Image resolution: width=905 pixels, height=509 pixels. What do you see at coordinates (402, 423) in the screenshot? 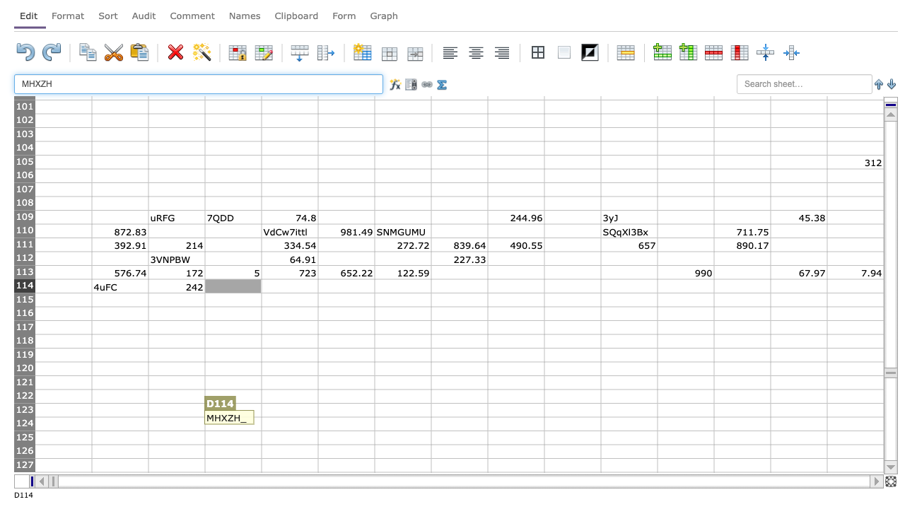
I see `cell G124` at bounding box center [402, 423].